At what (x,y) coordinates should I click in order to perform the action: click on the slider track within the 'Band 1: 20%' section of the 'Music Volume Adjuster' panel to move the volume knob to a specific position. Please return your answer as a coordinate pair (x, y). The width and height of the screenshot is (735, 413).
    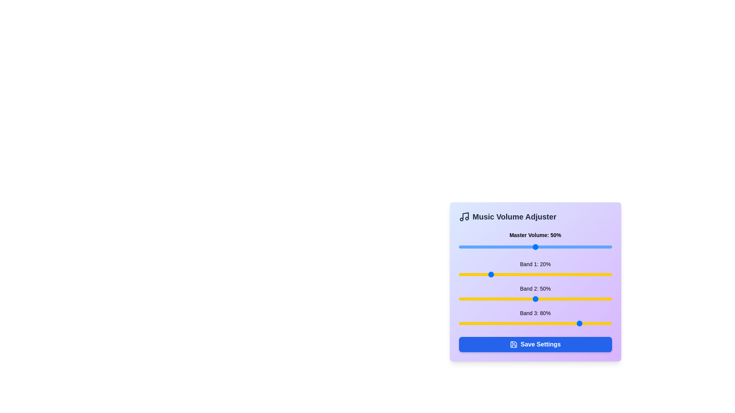
    Looking at the image, I should click on (535, 274).